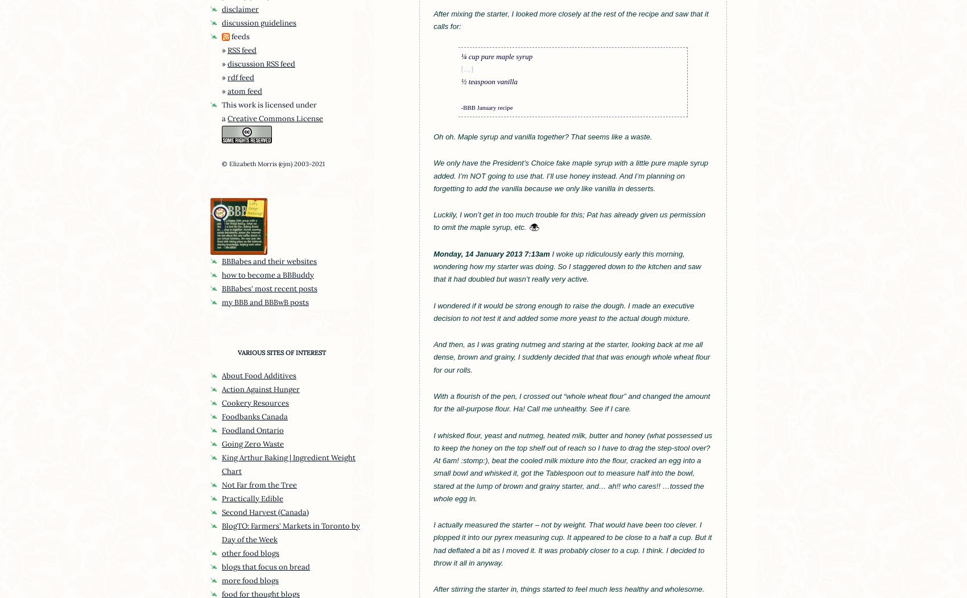 Image resolution: width=967 pixels, height=598 pixels. What do you see at coordinates (259, 484) in the screenshot?
I see `'Not Far from the Tree'` at bounding box center [259, 484].